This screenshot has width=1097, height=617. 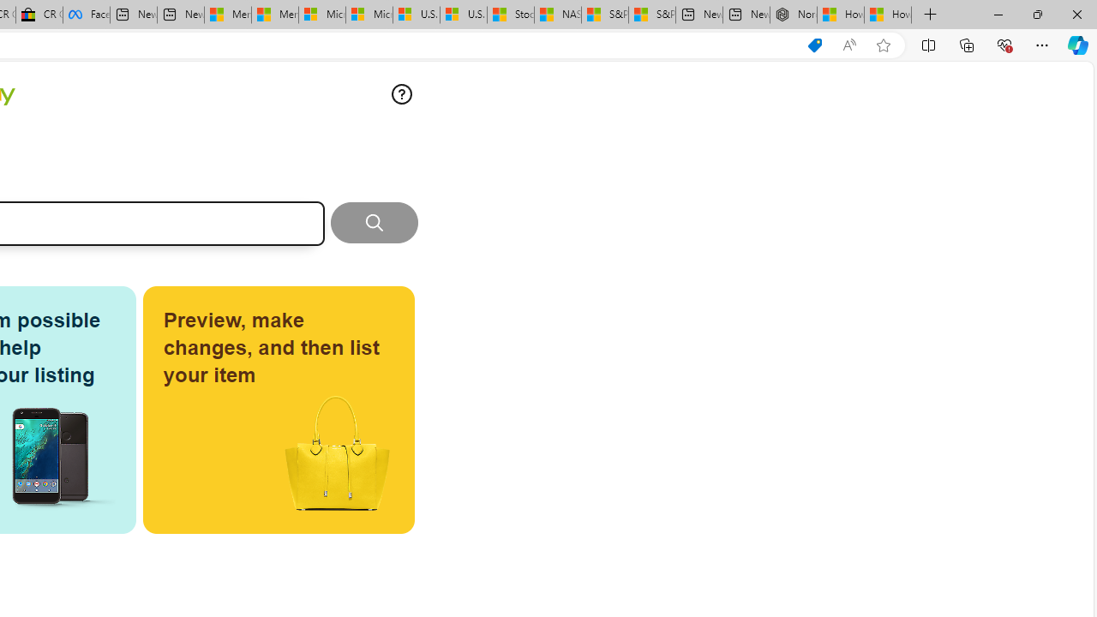 What do you see at coordinates (401, 94) in the screenshot?
I see `'Comment about your experience on this page.'` at bounding box center [401, 94].